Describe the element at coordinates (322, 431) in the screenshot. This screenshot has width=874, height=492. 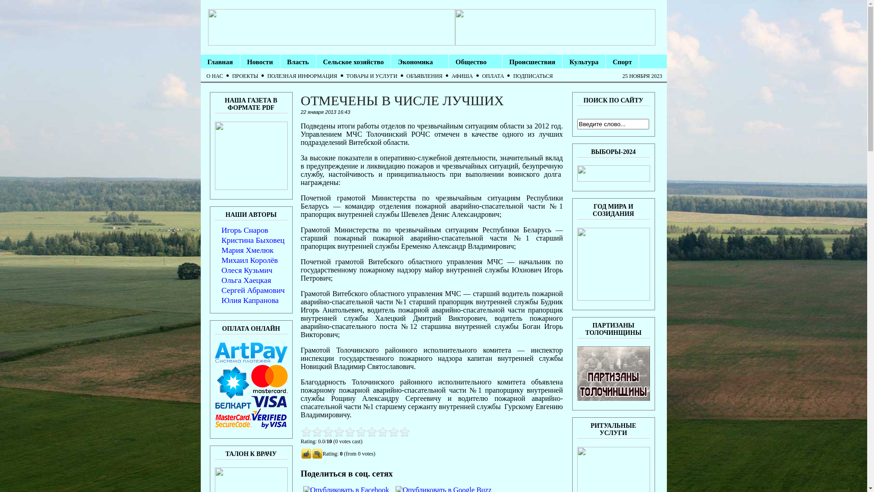
I see `'4 / 10'` at that location.